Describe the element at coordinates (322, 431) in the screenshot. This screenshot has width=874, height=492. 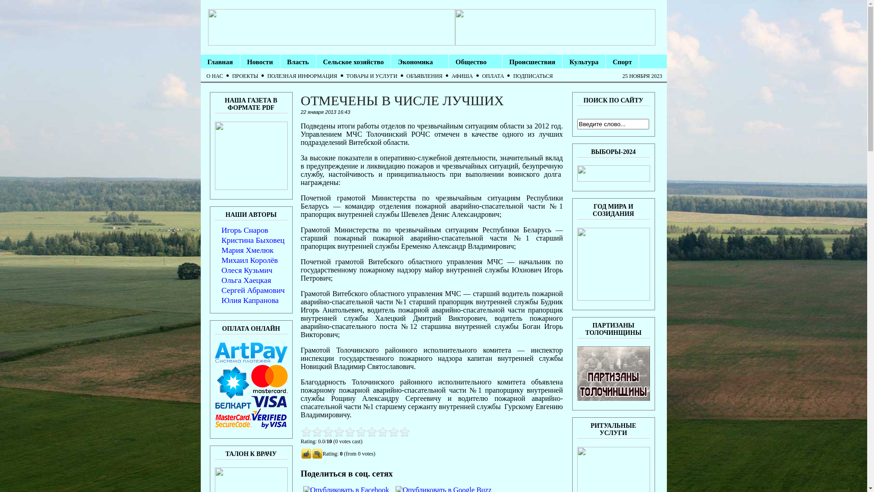
I see `'4 / 10'` at that location.